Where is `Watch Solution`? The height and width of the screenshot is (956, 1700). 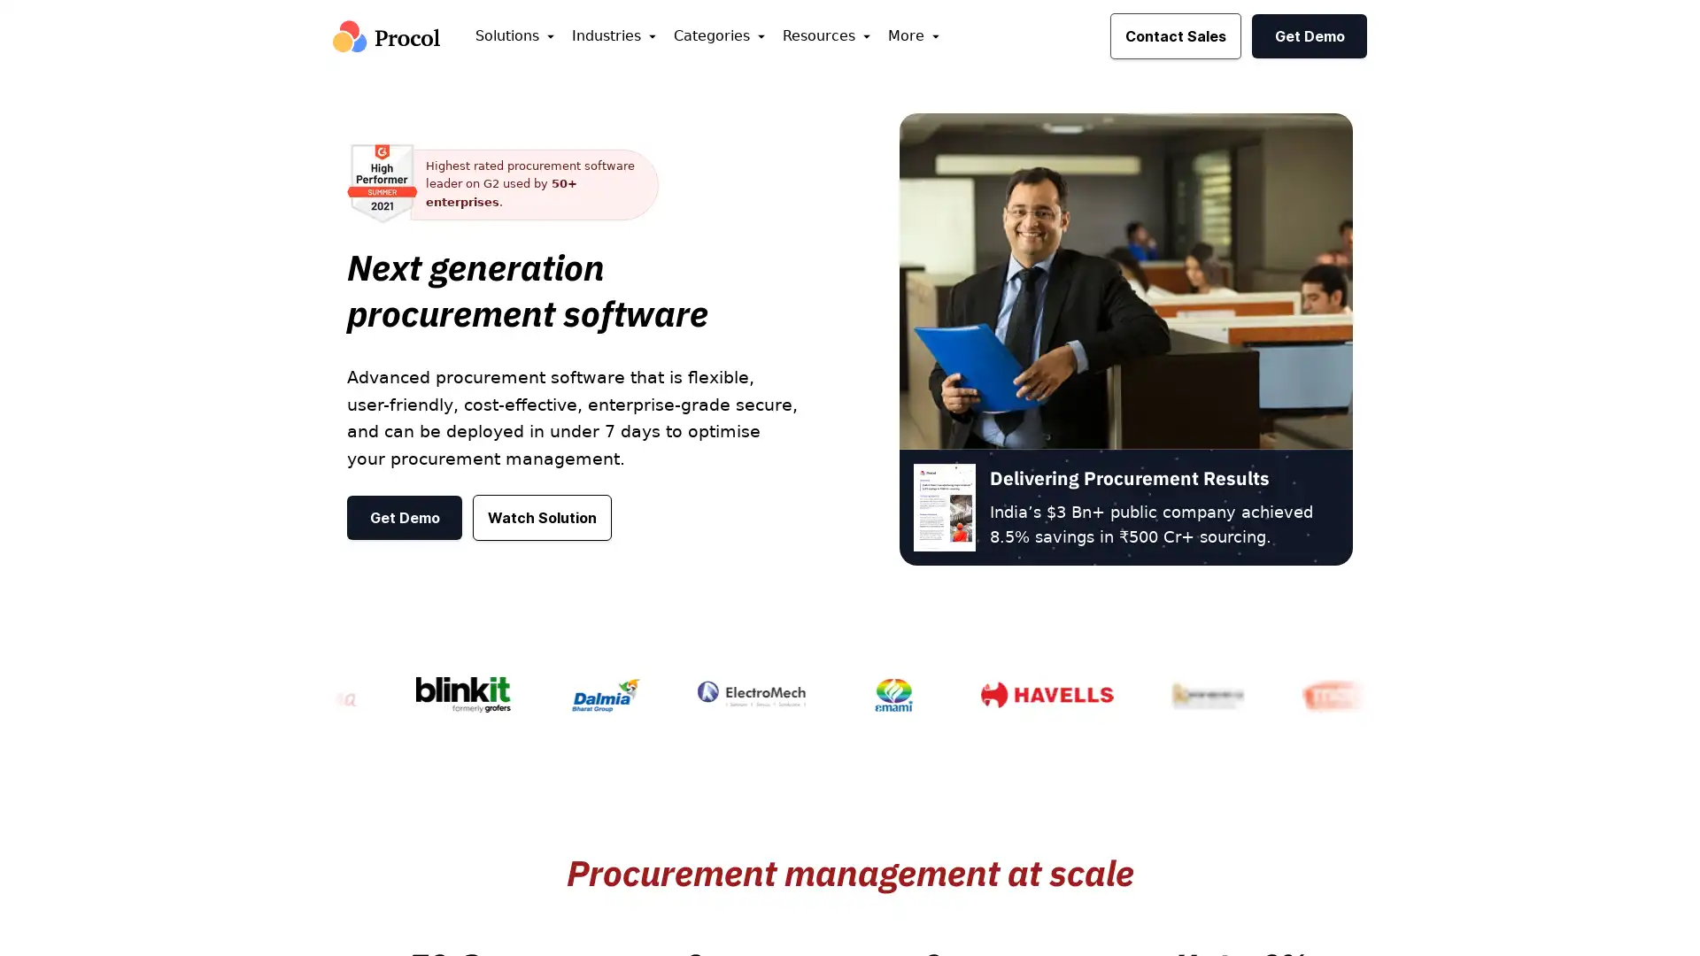
Watch Solution is located at coordinates (541, 516).